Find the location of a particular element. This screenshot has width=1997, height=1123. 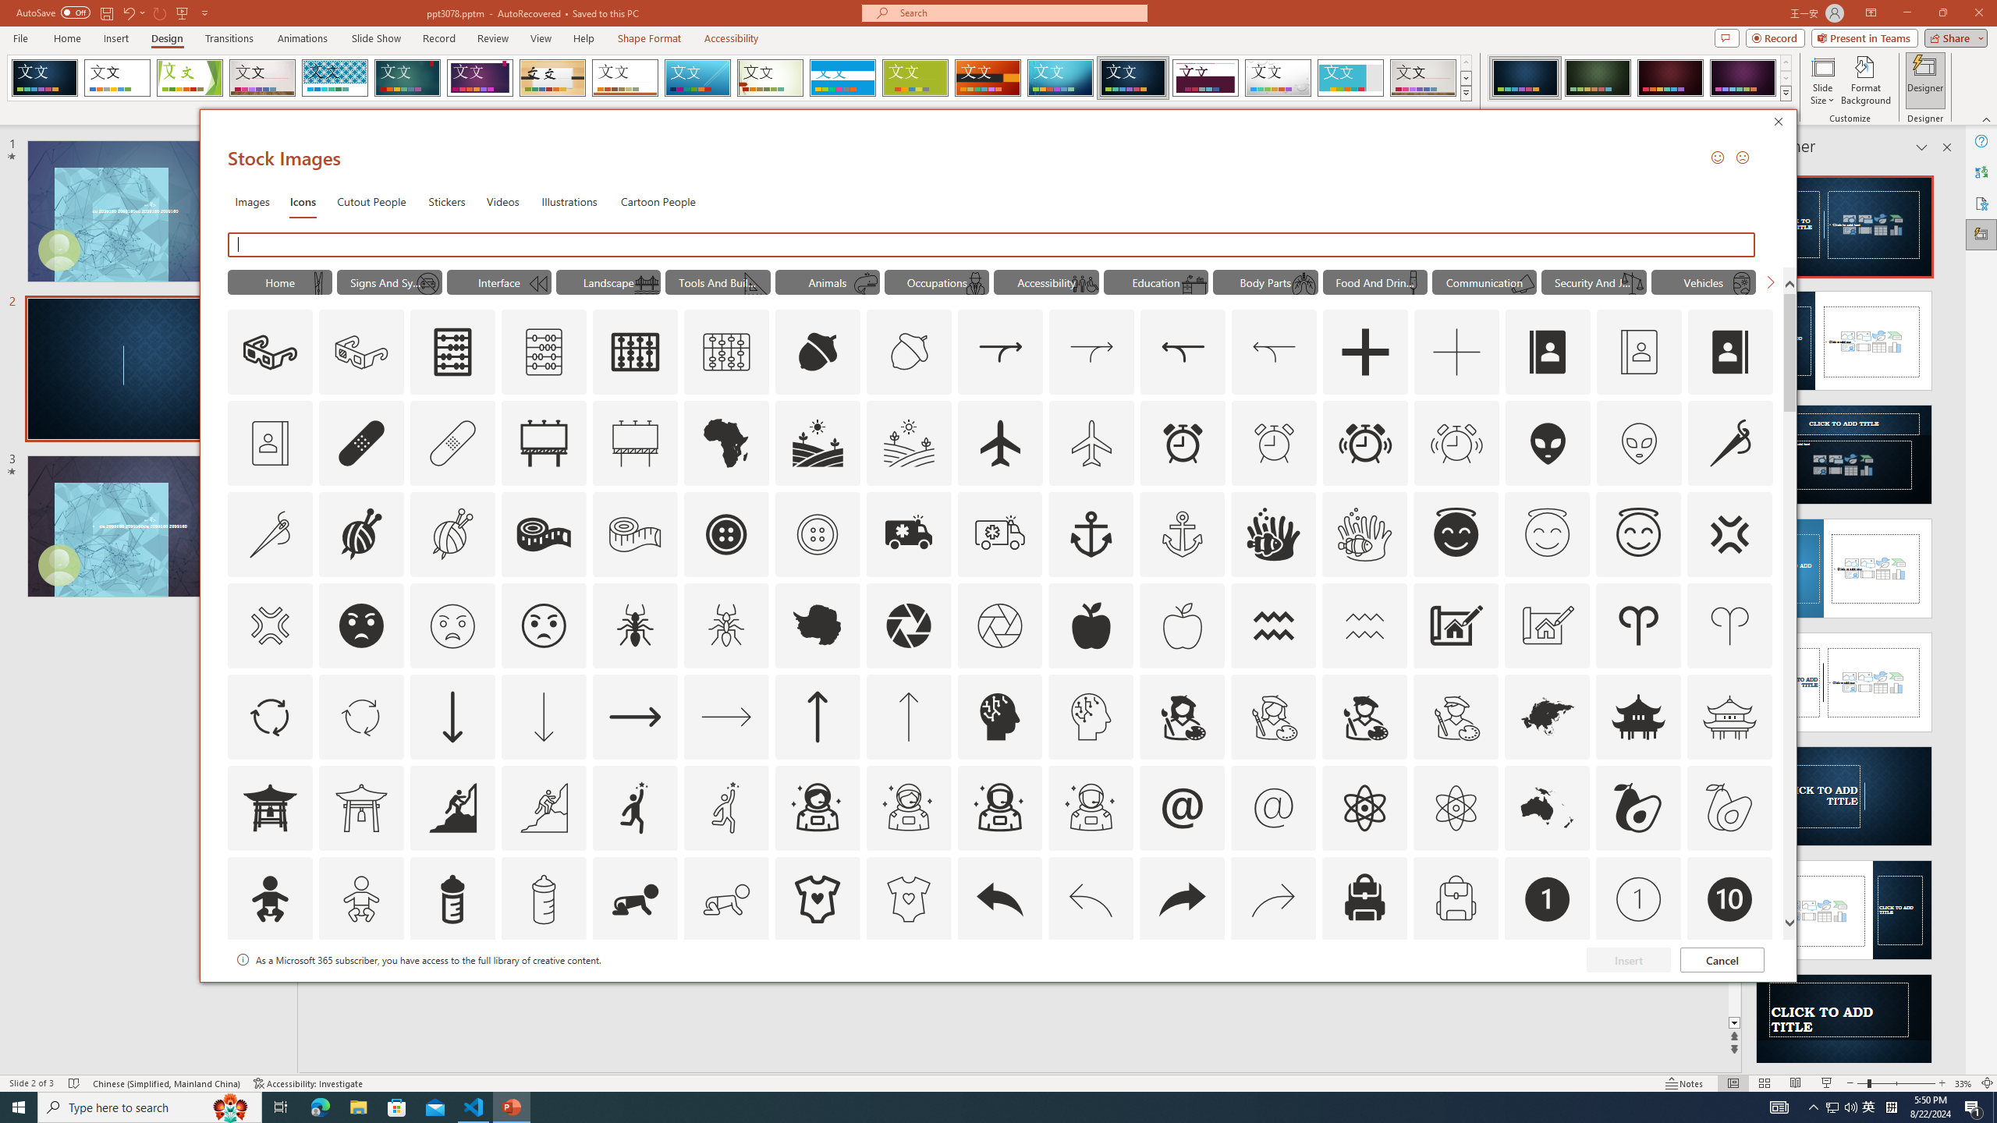

'AutomationID: Icons_Airplane' is located at coordinates (999, 442).